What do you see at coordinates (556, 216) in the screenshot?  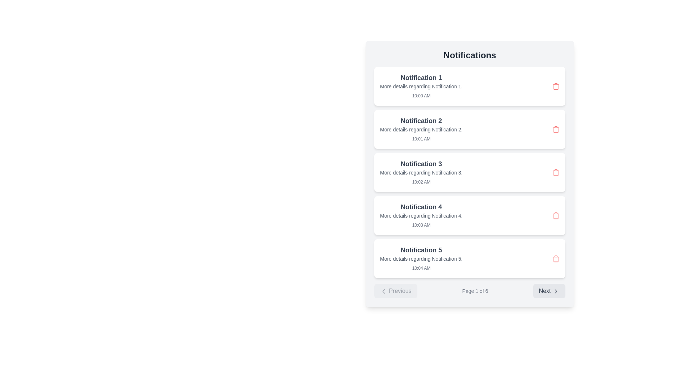 I see `the appearance of the trash icon located at the far right of 'Notification 4' in the list of notification cards` at bounding box center [556, 216].